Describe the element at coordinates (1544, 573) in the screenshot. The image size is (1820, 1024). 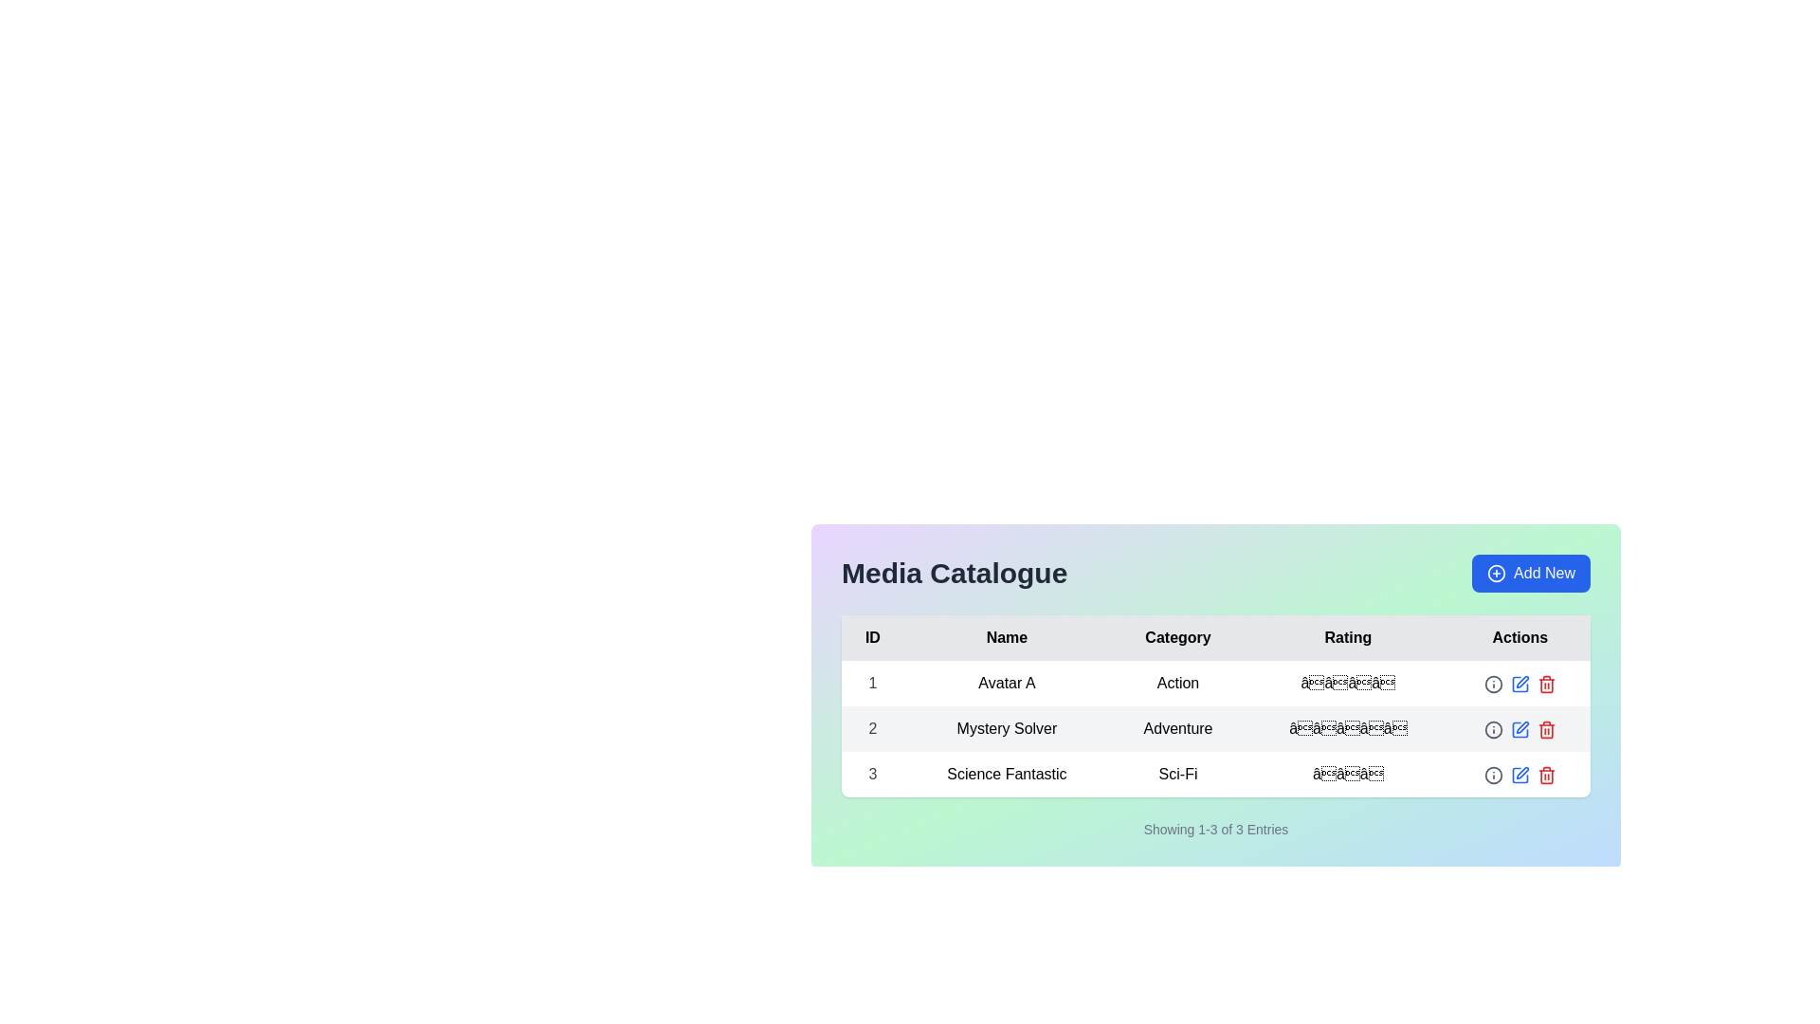
I see `the 'Add New' button located in the top-right corner of the Media Catalogue section` at that location.